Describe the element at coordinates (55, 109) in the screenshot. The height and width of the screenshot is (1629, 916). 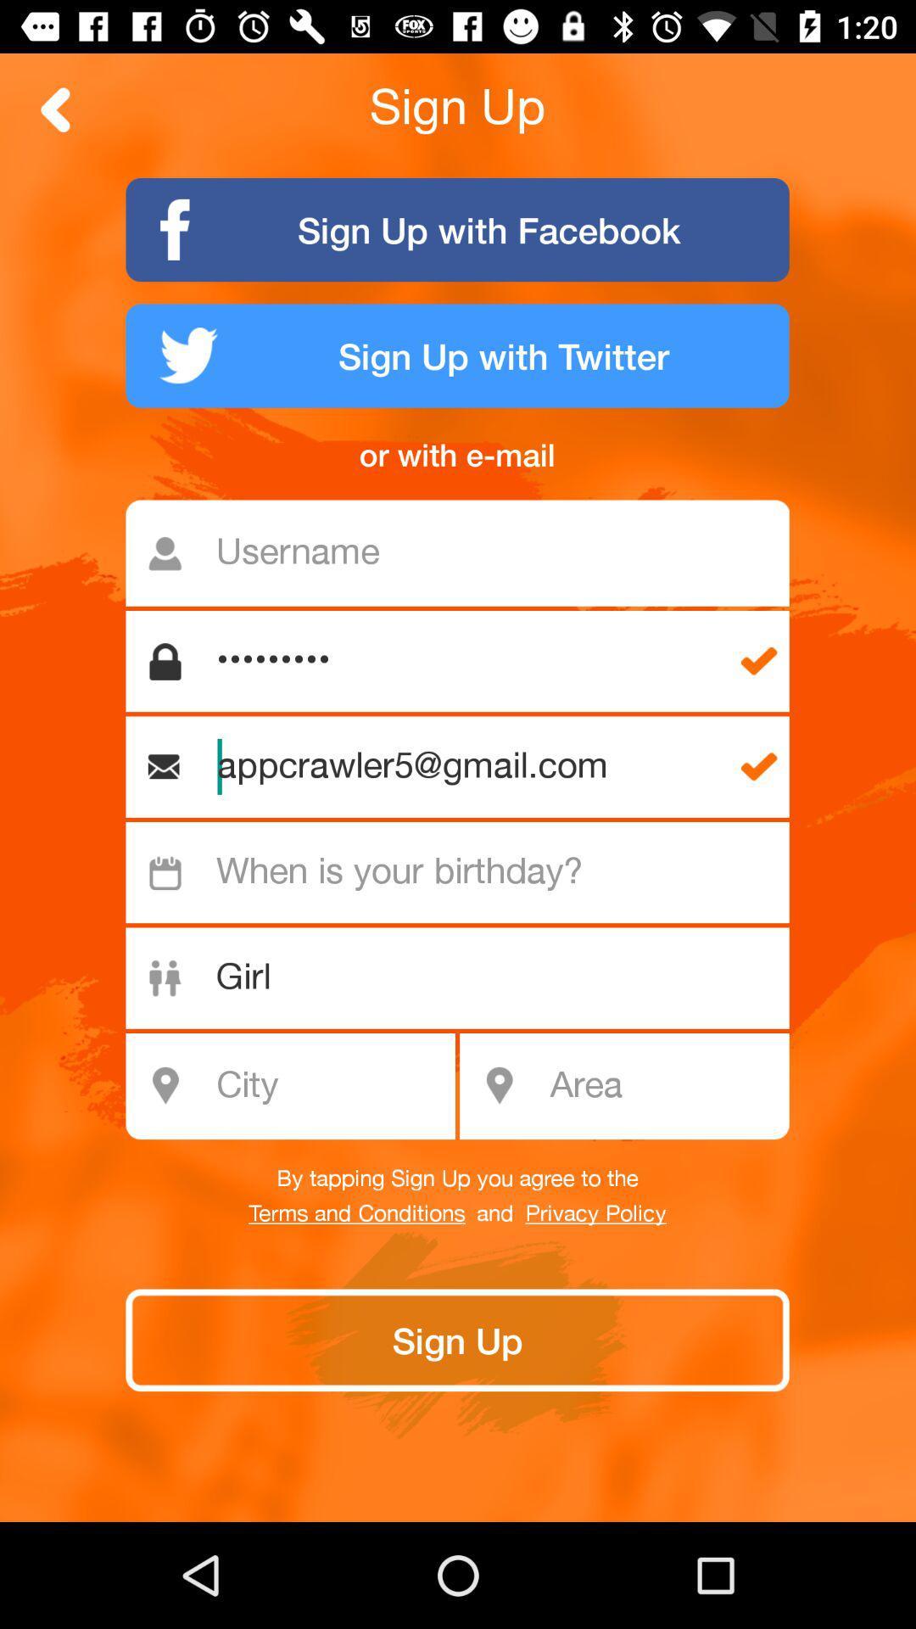
I see `the arrow_backward icon` at that location.